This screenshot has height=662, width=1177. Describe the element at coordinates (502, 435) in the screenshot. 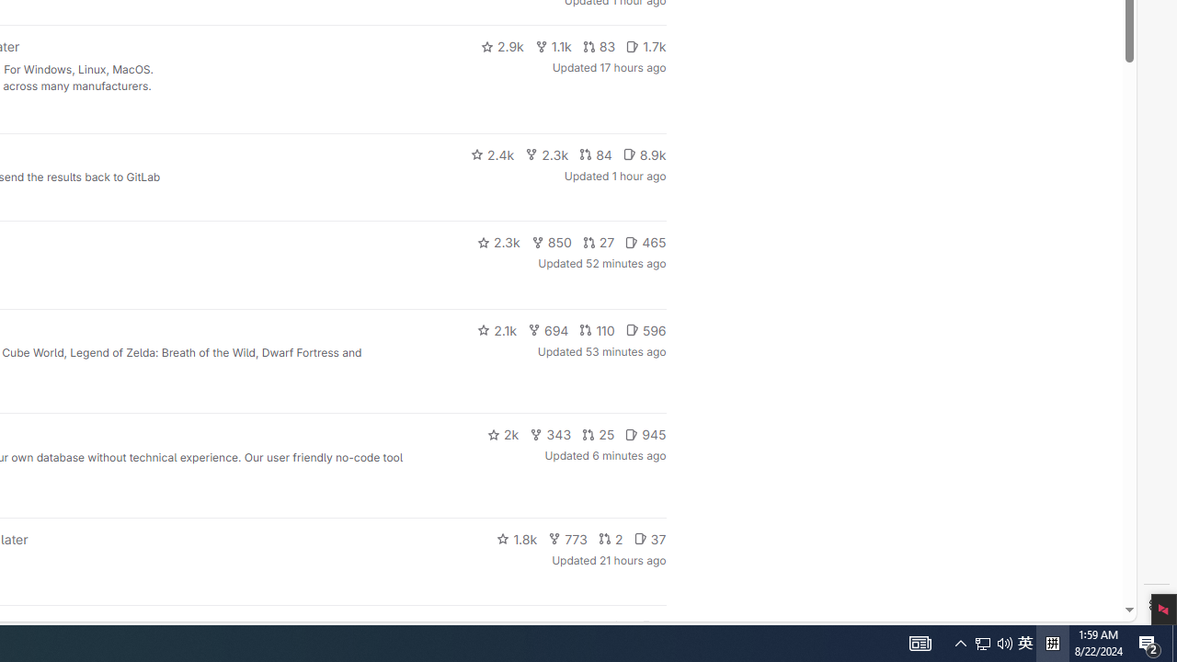

I see `'2k'` at that location.